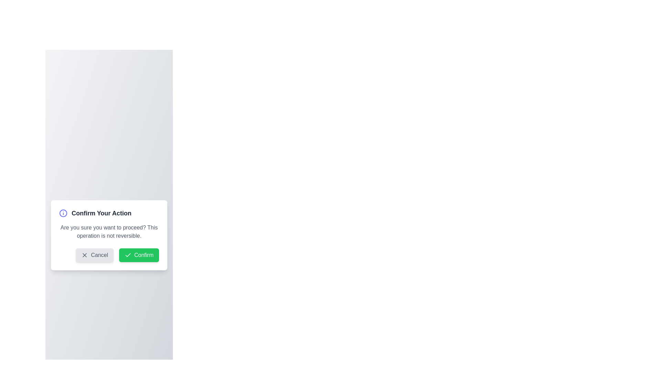 This screenshot has height=371, width=661. What do you see at coordinates (94, 255) in the screenshot?
I see `the cancel button located at the bottom left of the dialog box` at bounding box center [94, 255].